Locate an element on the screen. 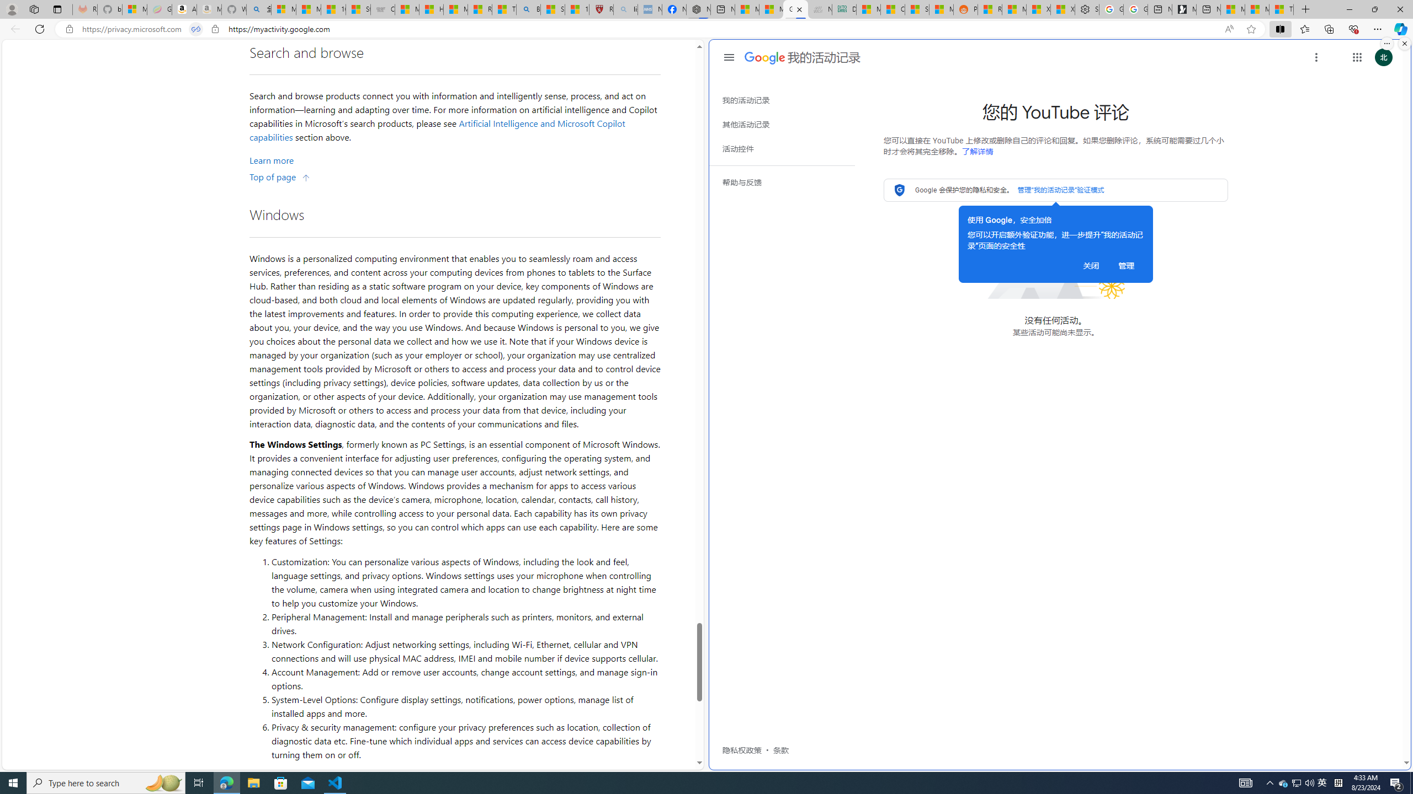 This screenshot has height=794, width=1413. 'Workspaces' is located at coordinates (34, 9).